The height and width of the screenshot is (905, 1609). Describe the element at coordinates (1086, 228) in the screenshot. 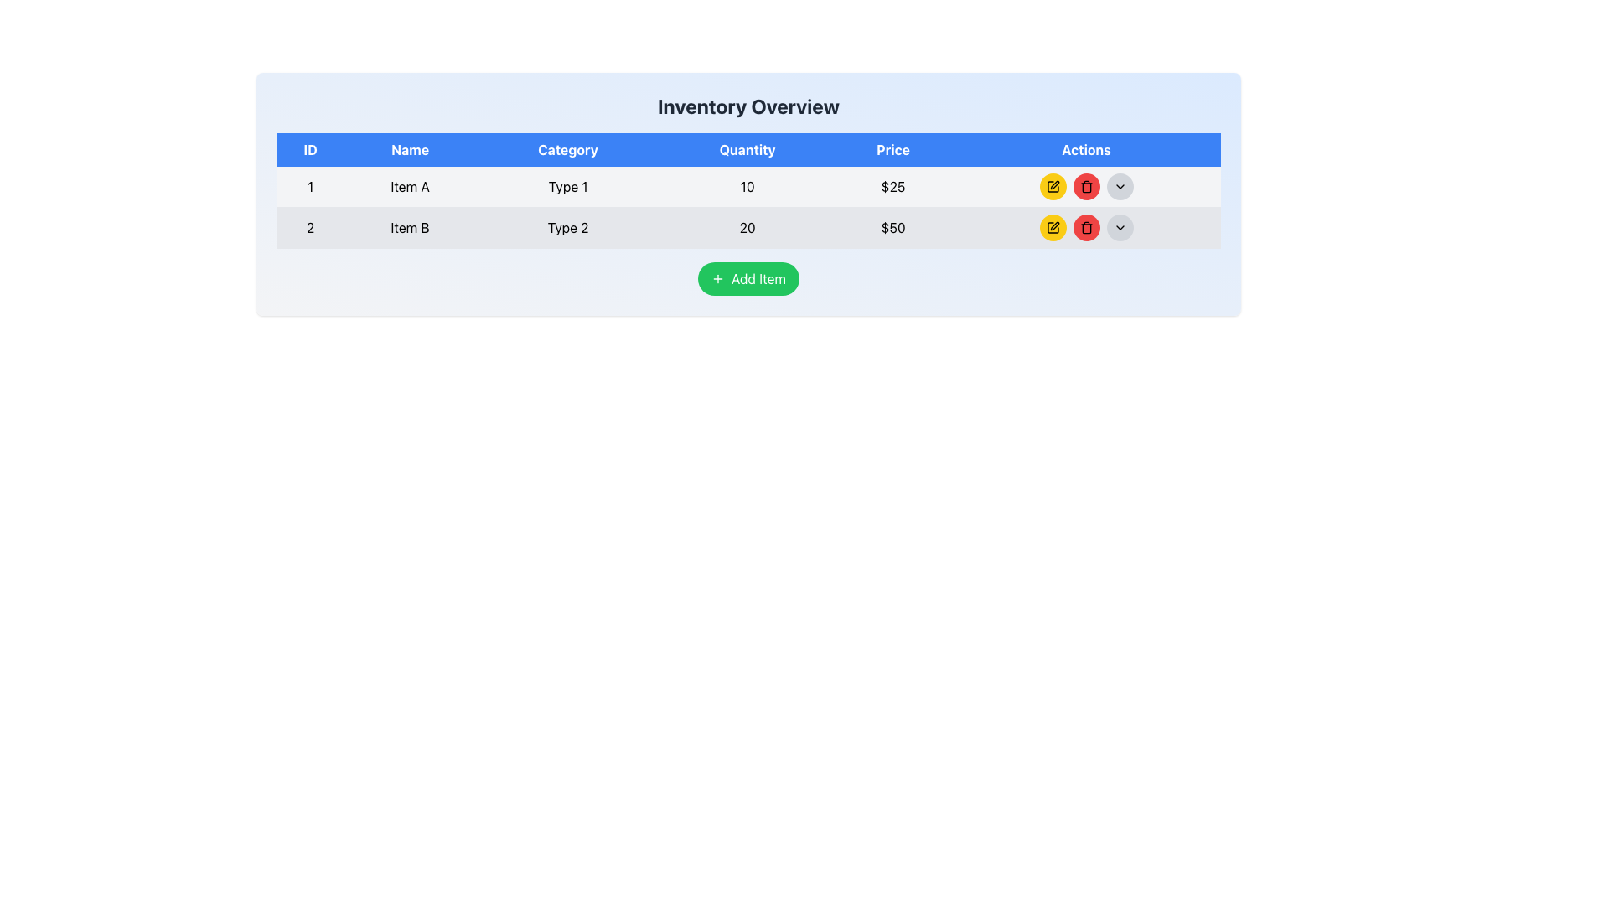

I see `the small trashcan icon with a red background located within the rounded button in the second row of the 'Actions' column` at that location.